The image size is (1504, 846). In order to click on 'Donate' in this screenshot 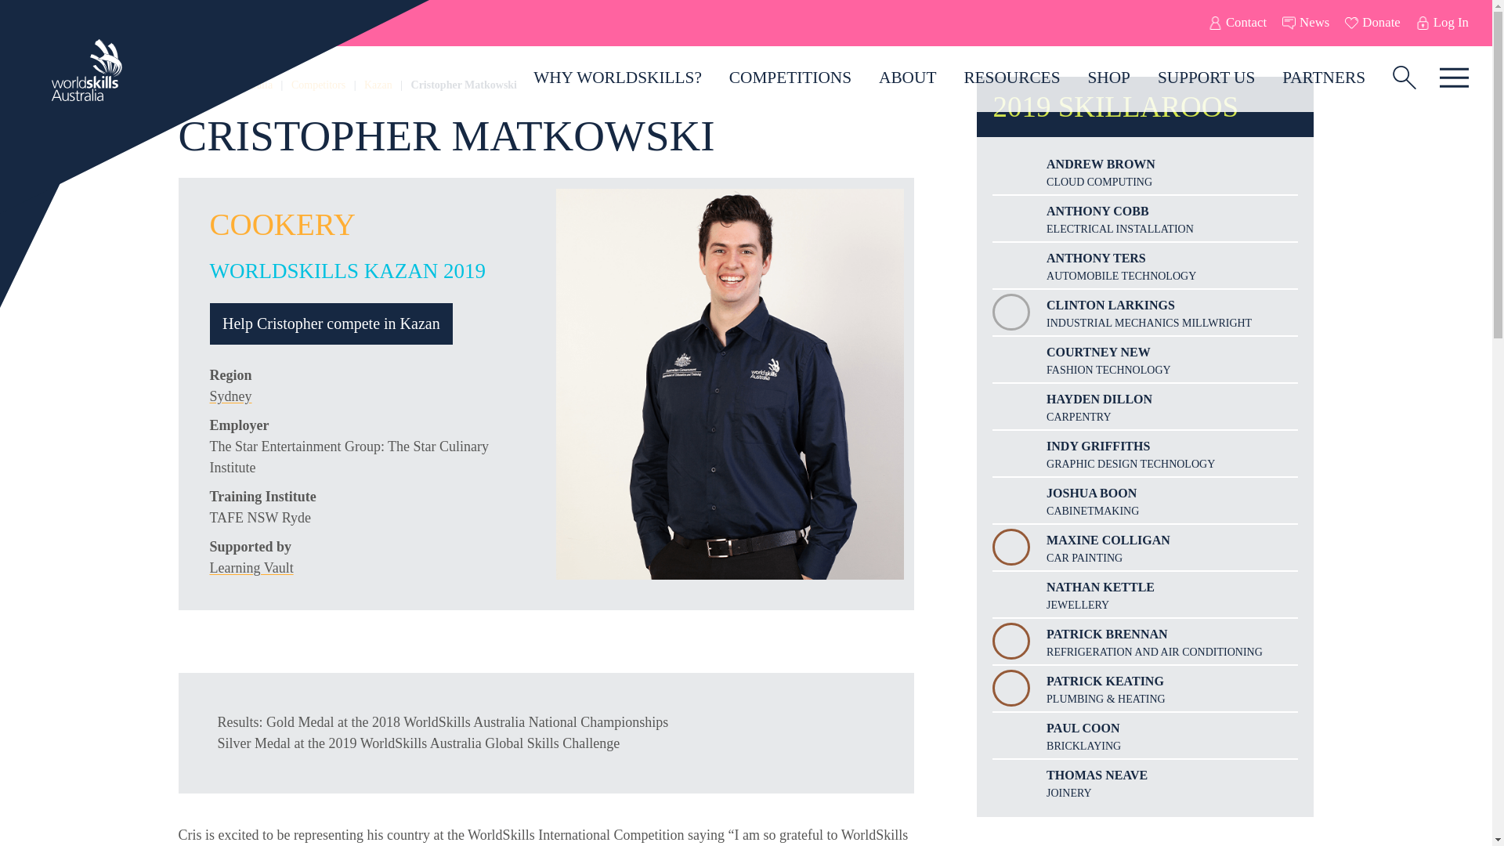, I will do `click(1372, 23)`.